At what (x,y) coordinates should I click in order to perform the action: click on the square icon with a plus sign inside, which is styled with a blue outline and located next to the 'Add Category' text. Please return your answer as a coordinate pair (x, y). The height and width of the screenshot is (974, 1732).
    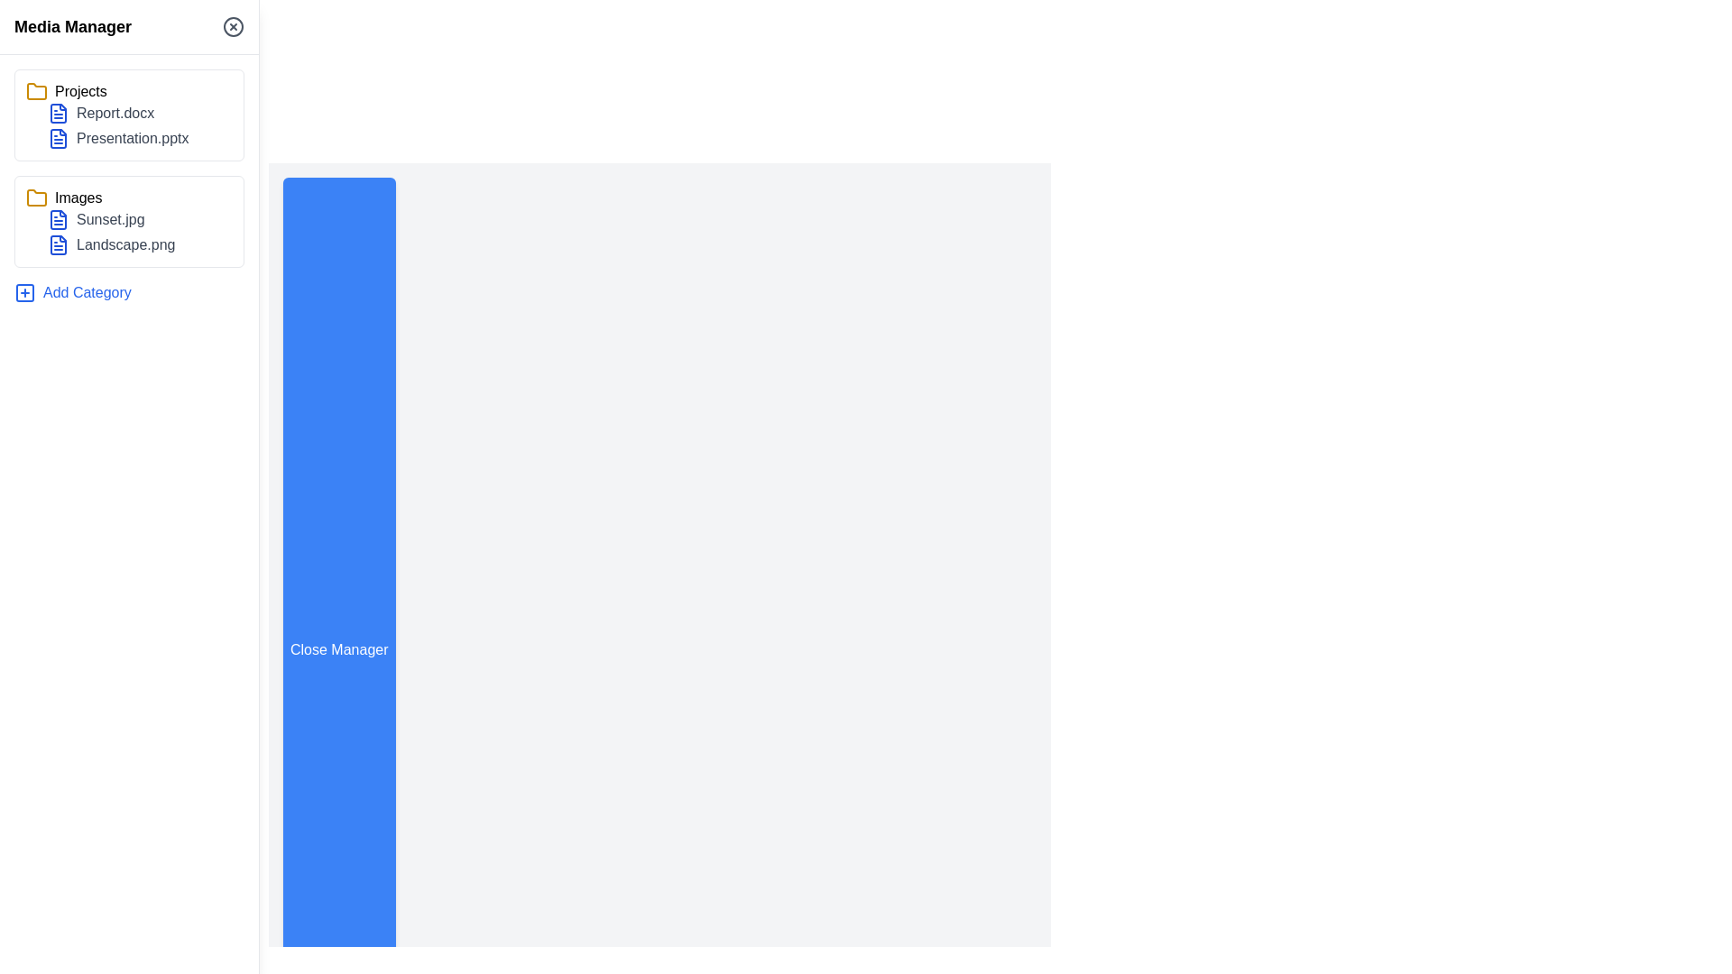
    Looking at the image, I should click on (25, 291).